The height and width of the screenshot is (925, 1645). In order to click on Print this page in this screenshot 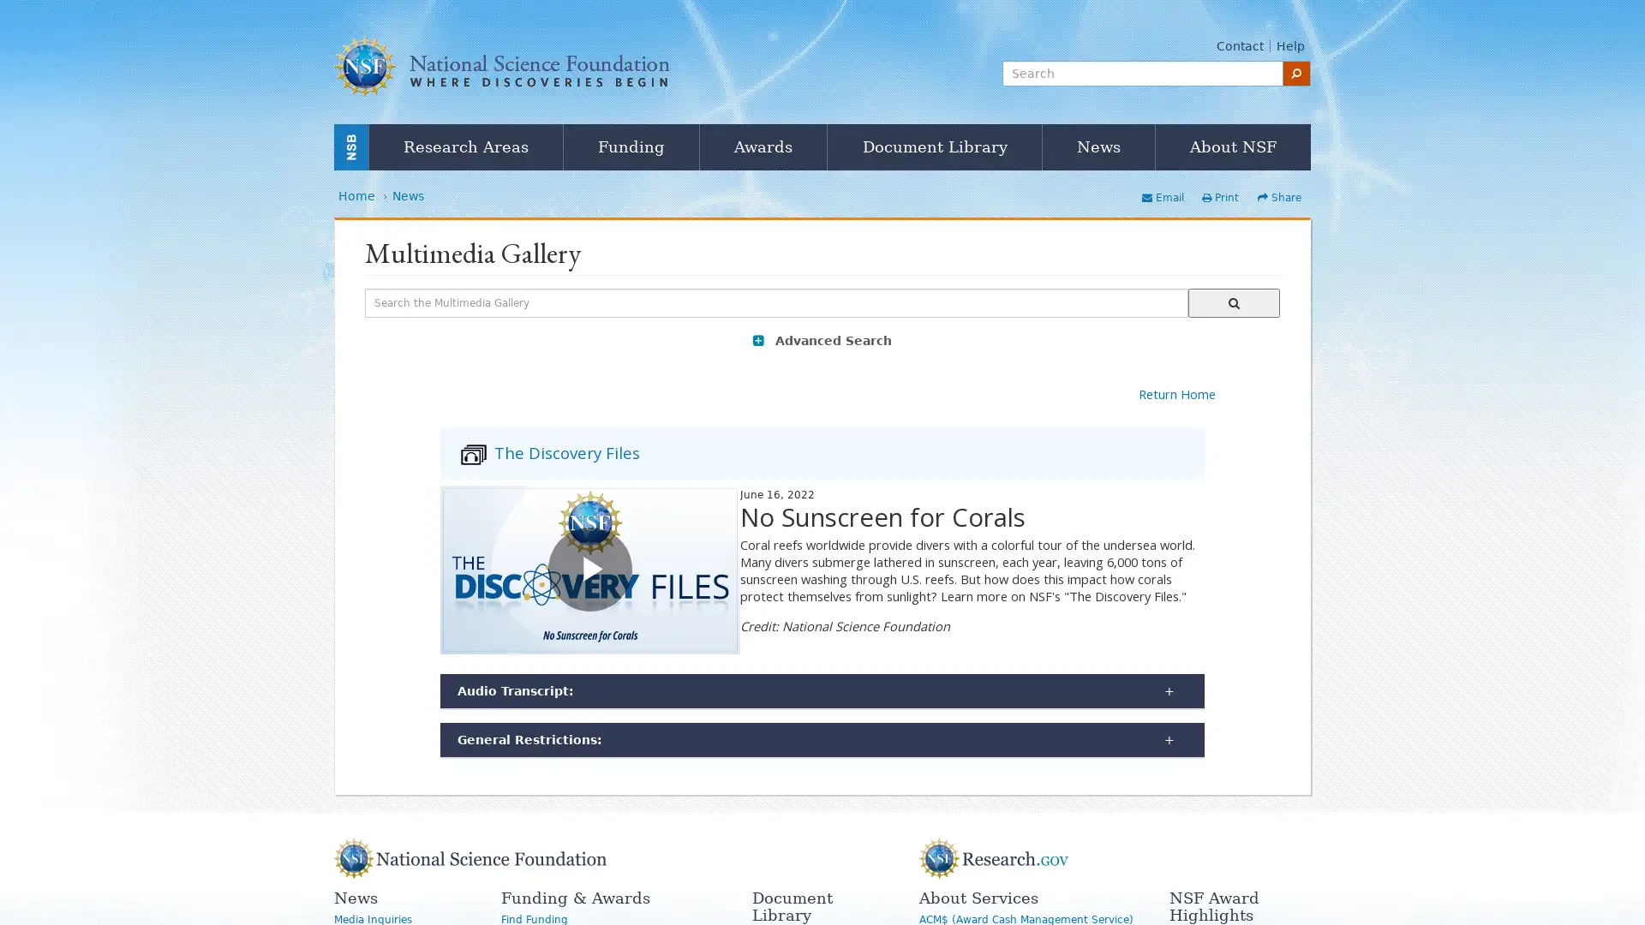, I will do `click(1219, 197)`.